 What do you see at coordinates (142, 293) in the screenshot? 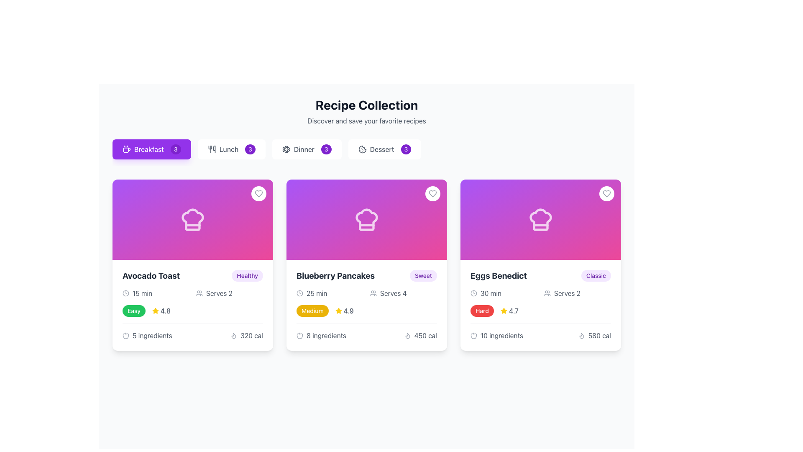
I see `the text label that provides information about the preparation time for the 'Avocado Toast' recipe, located on the left within the card's lower section, next to a clock icon` at bounding box center [142, 293].